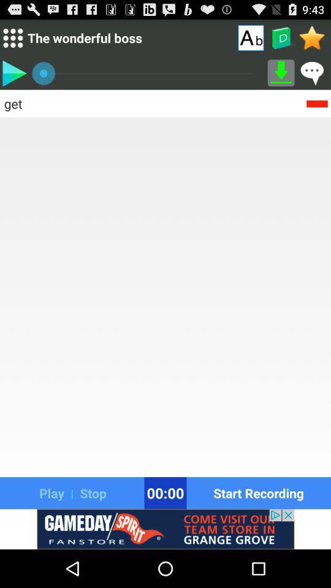 This screenshot has height=588, width=331. I want to click on advertisement, so click(165, 529).